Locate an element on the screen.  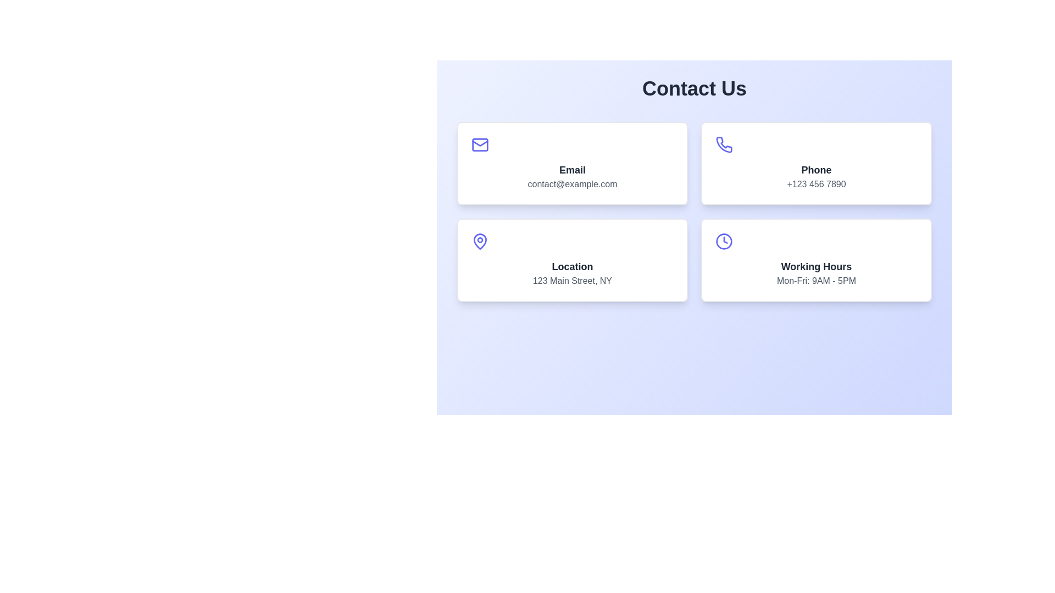
the static text label that identifies the email address, which is centrally aligned above the email information in the top-left tile of the grid layout is located at coordinates (571, 170).